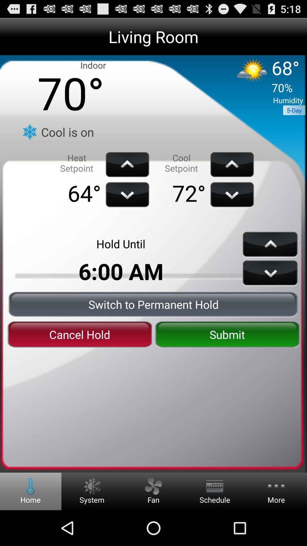 The height and width of the screenshot is (546, 307). What do you see at coordinates (294, 110) in the screenshot?
I see `the 5-day` at bounding box center [294, 110].